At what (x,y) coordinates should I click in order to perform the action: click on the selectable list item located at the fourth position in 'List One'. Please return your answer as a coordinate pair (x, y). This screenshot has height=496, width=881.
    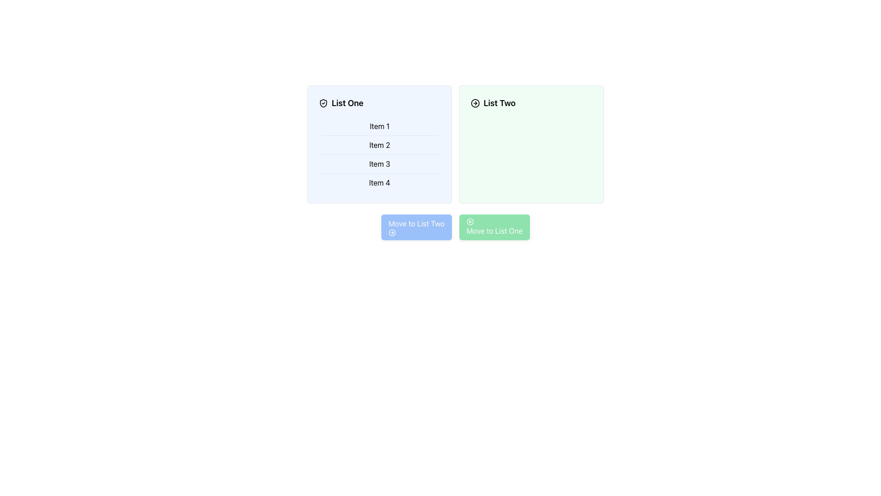
    Looking at the image, I should click on (379, 182).